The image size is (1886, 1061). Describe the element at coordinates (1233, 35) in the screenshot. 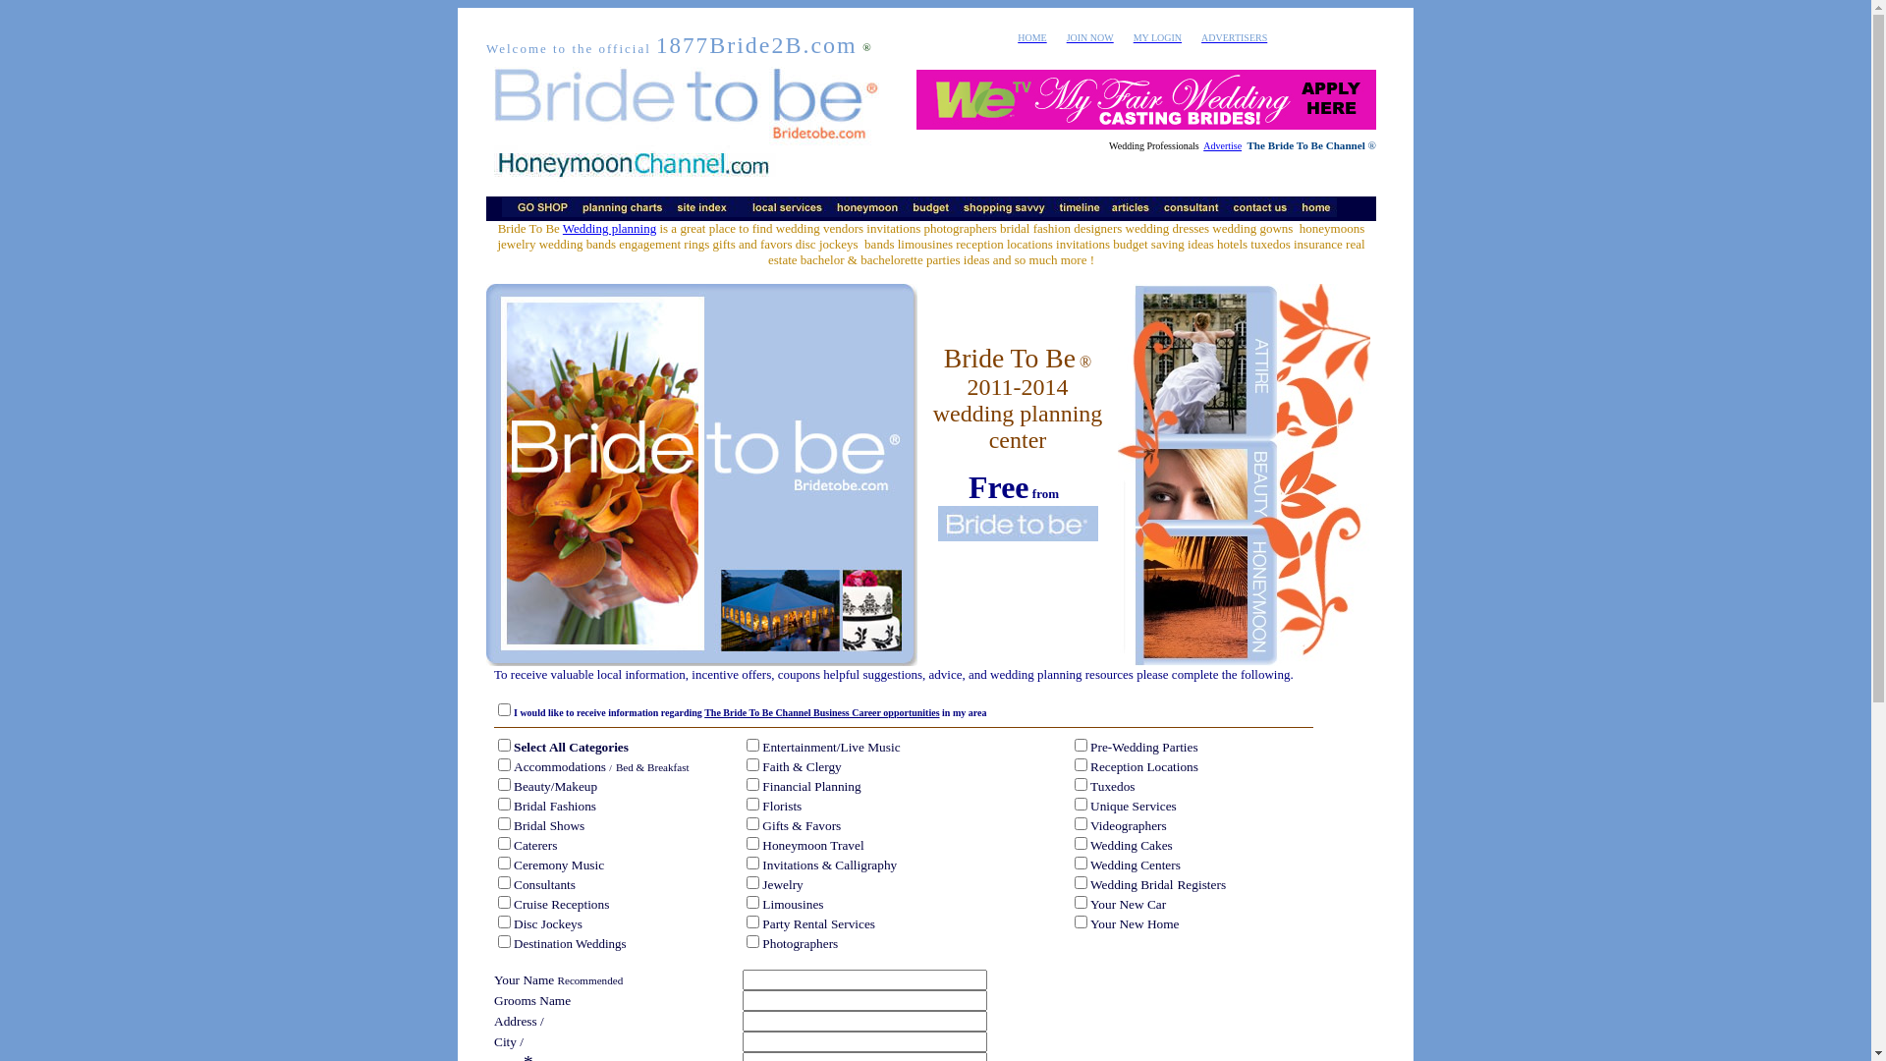

I see `'ADVERTISERS'` at that location.